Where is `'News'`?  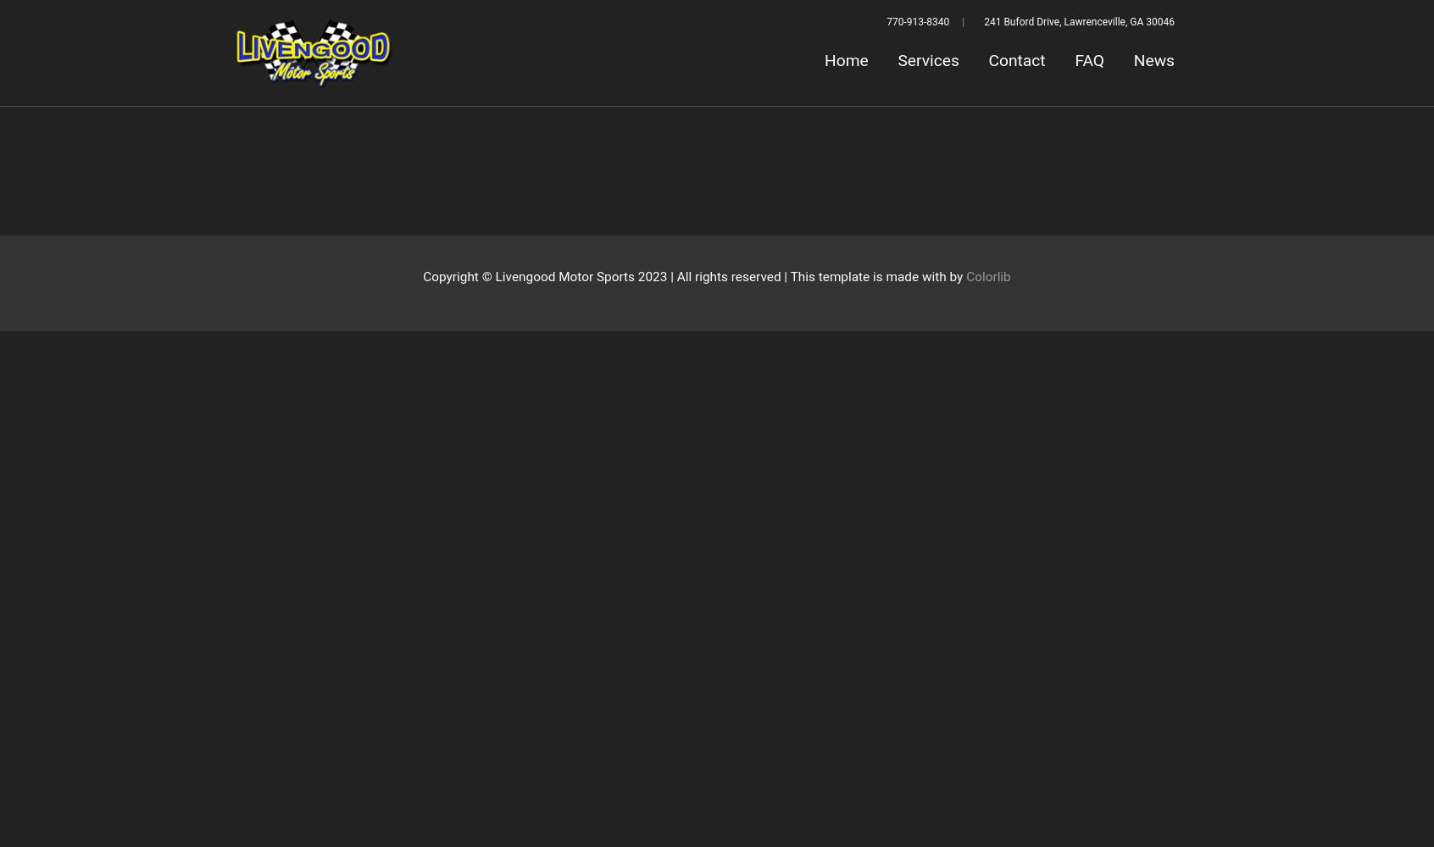 'News' is located at coordinates (1153, 59).